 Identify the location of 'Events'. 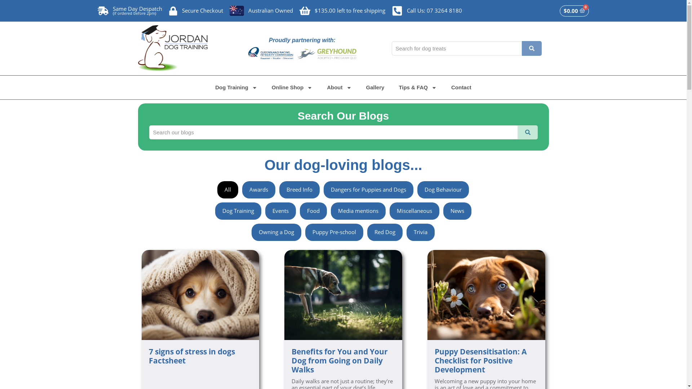
(280, 211).